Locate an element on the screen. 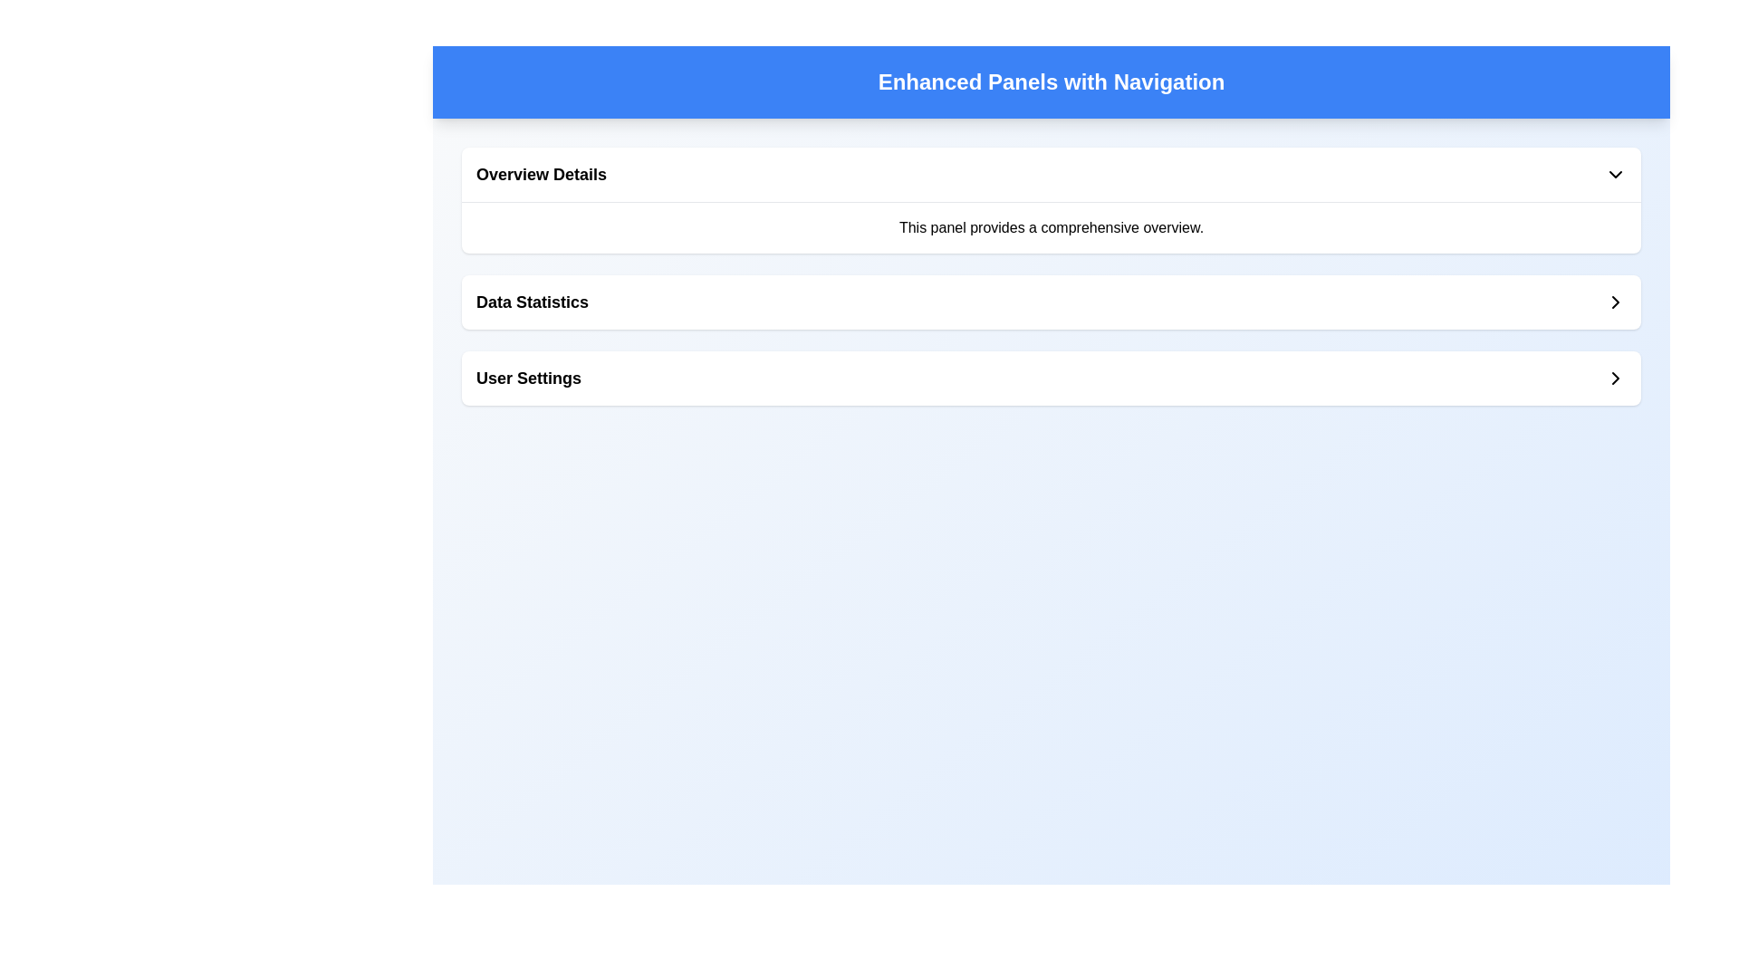 This screenshot has height=978, width=1739. the static text header that displays 'Enhanced Panels with Navigation', which is bold and large, set against a blue background is located at coordinates (1052, 82).